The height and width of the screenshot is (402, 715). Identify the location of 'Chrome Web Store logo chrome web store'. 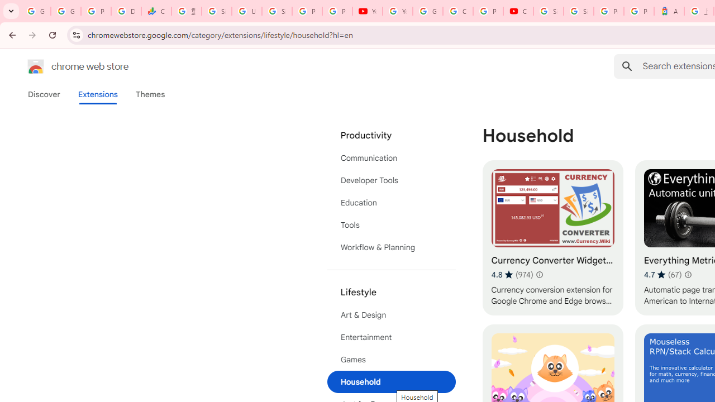
(66, 66).